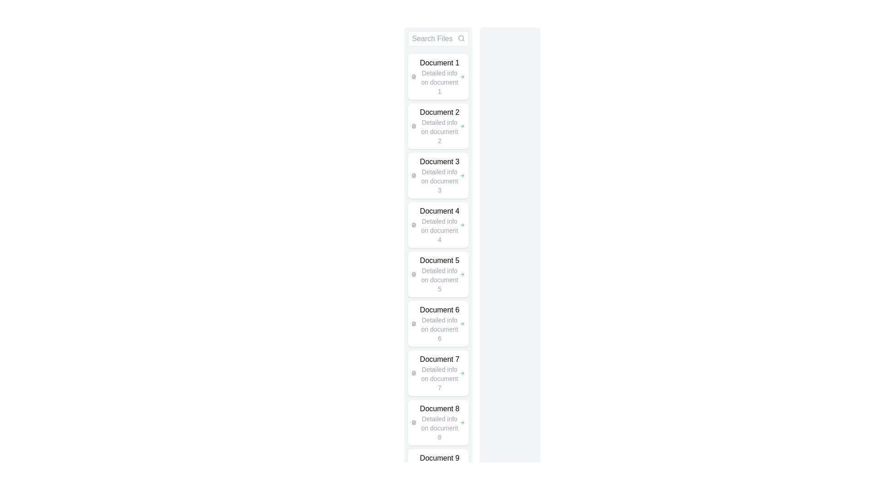 This screenshot has height=494, width=878. What do you see at coordinates (439, 211) in the screenshot?
I see `the fourth text label in the vertical list` at bounding box center [439, 211].